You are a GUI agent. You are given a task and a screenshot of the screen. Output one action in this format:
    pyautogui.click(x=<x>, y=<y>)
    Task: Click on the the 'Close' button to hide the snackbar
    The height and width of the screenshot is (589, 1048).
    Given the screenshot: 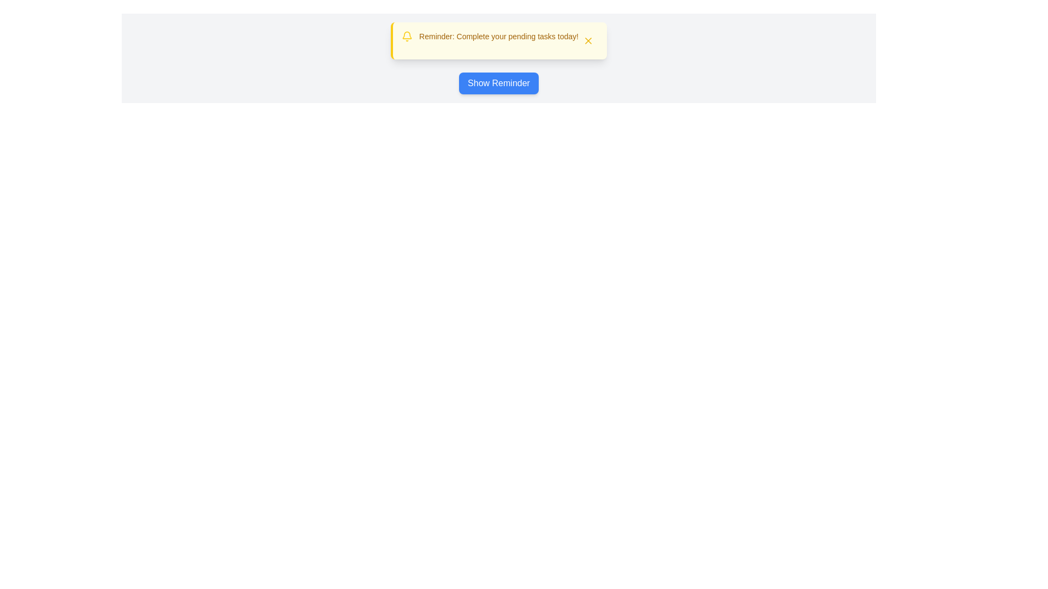 What is the action you would take?
    pyautogui.click(x=587, y=40)
    